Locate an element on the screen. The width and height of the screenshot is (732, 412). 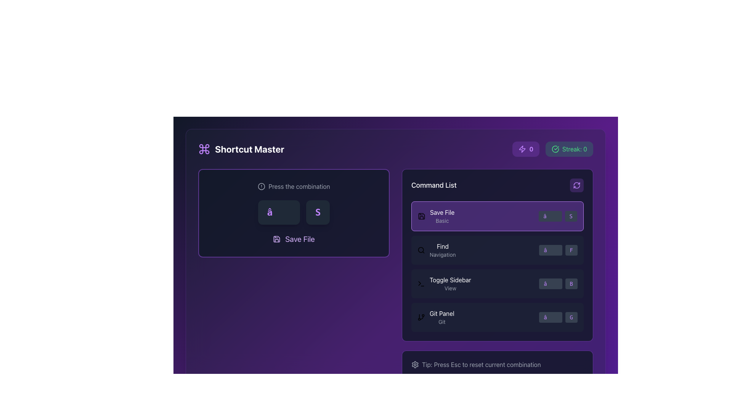
the text label 'Press the combination' which is accompanied by a circular alert icon, located near the upper-left corner of the central content box is located at coordinates (294, 187).